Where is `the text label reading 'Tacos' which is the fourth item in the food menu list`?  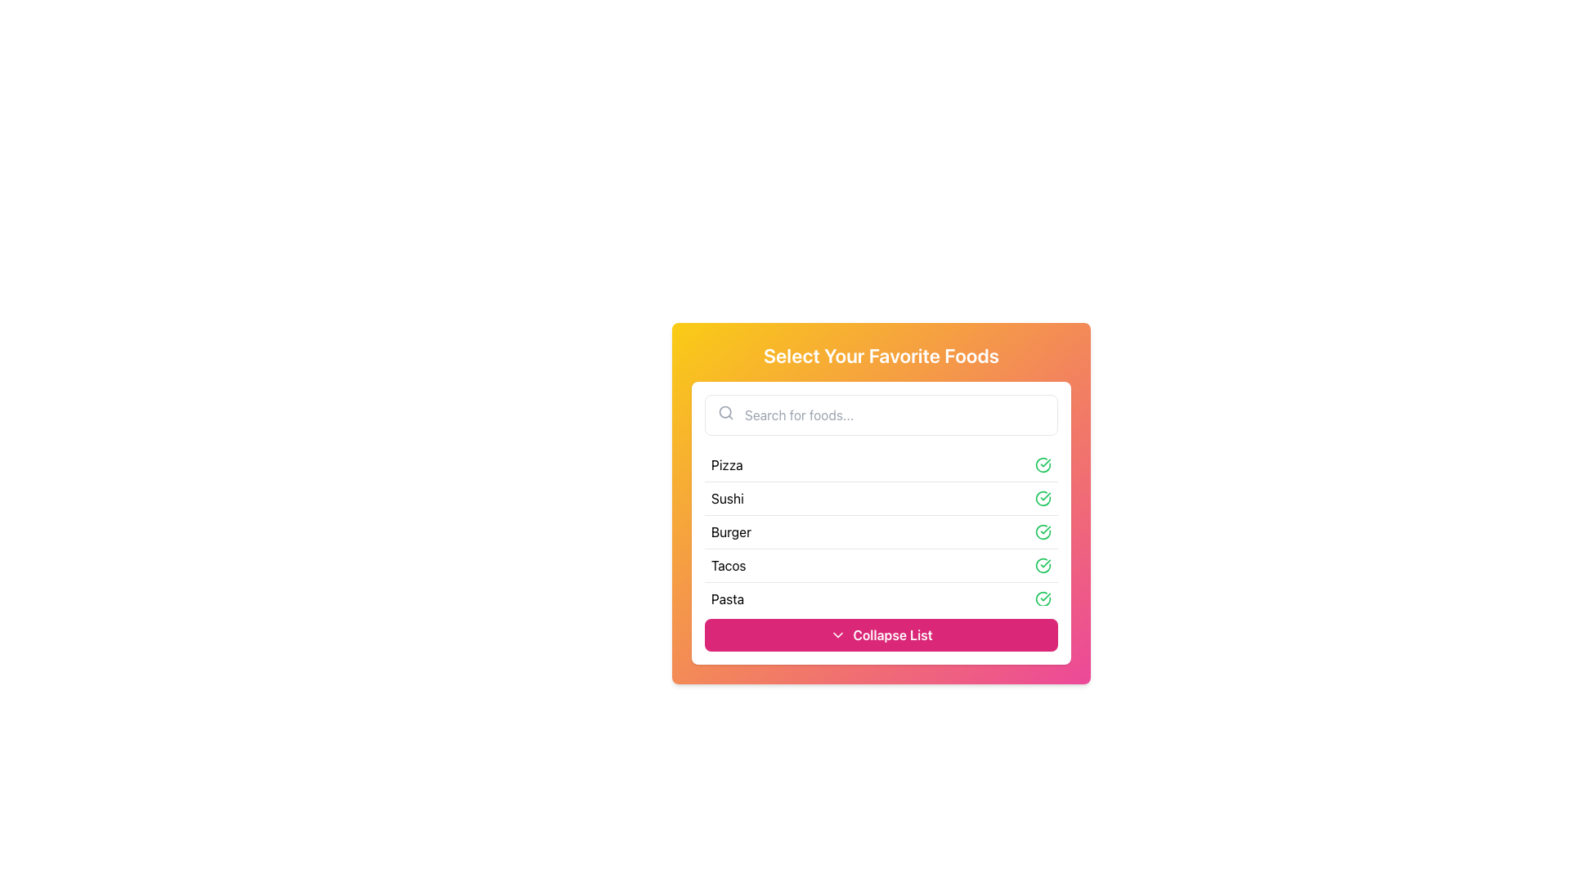 the text label reading 'Tacos' which is the fourth item in the food menu list is located at coordinates (728, 564).